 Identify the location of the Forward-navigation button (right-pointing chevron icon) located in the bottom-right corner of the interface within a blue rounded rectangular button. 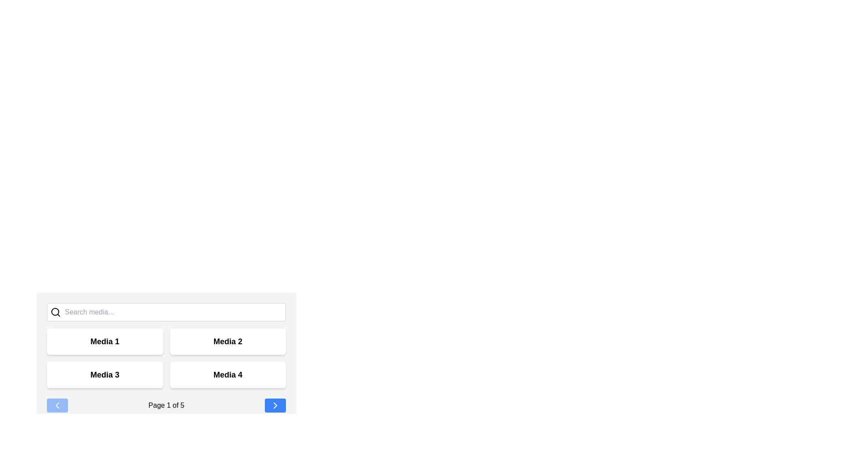
(275, 405).